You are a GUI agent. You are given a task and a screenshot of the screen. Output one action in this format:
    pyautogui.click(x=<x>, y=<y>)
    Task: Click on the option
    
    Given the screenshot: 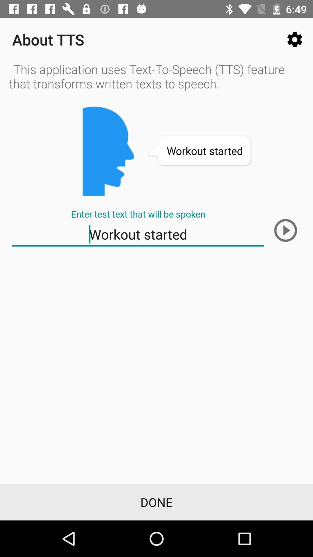 What is the action you would take?
    pyautogui.click(x=285, y=230)
    